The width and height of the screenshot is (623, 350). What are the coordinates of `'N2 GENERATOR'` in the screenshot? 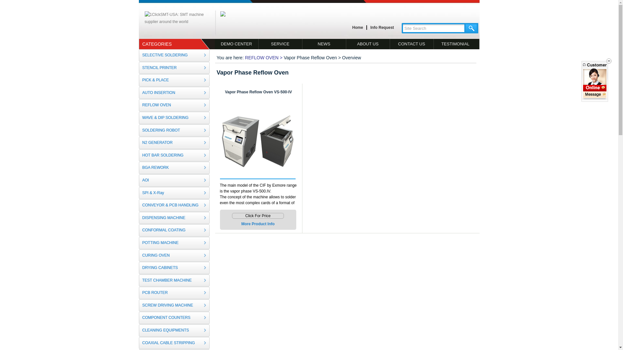 It's located at (174, 142).